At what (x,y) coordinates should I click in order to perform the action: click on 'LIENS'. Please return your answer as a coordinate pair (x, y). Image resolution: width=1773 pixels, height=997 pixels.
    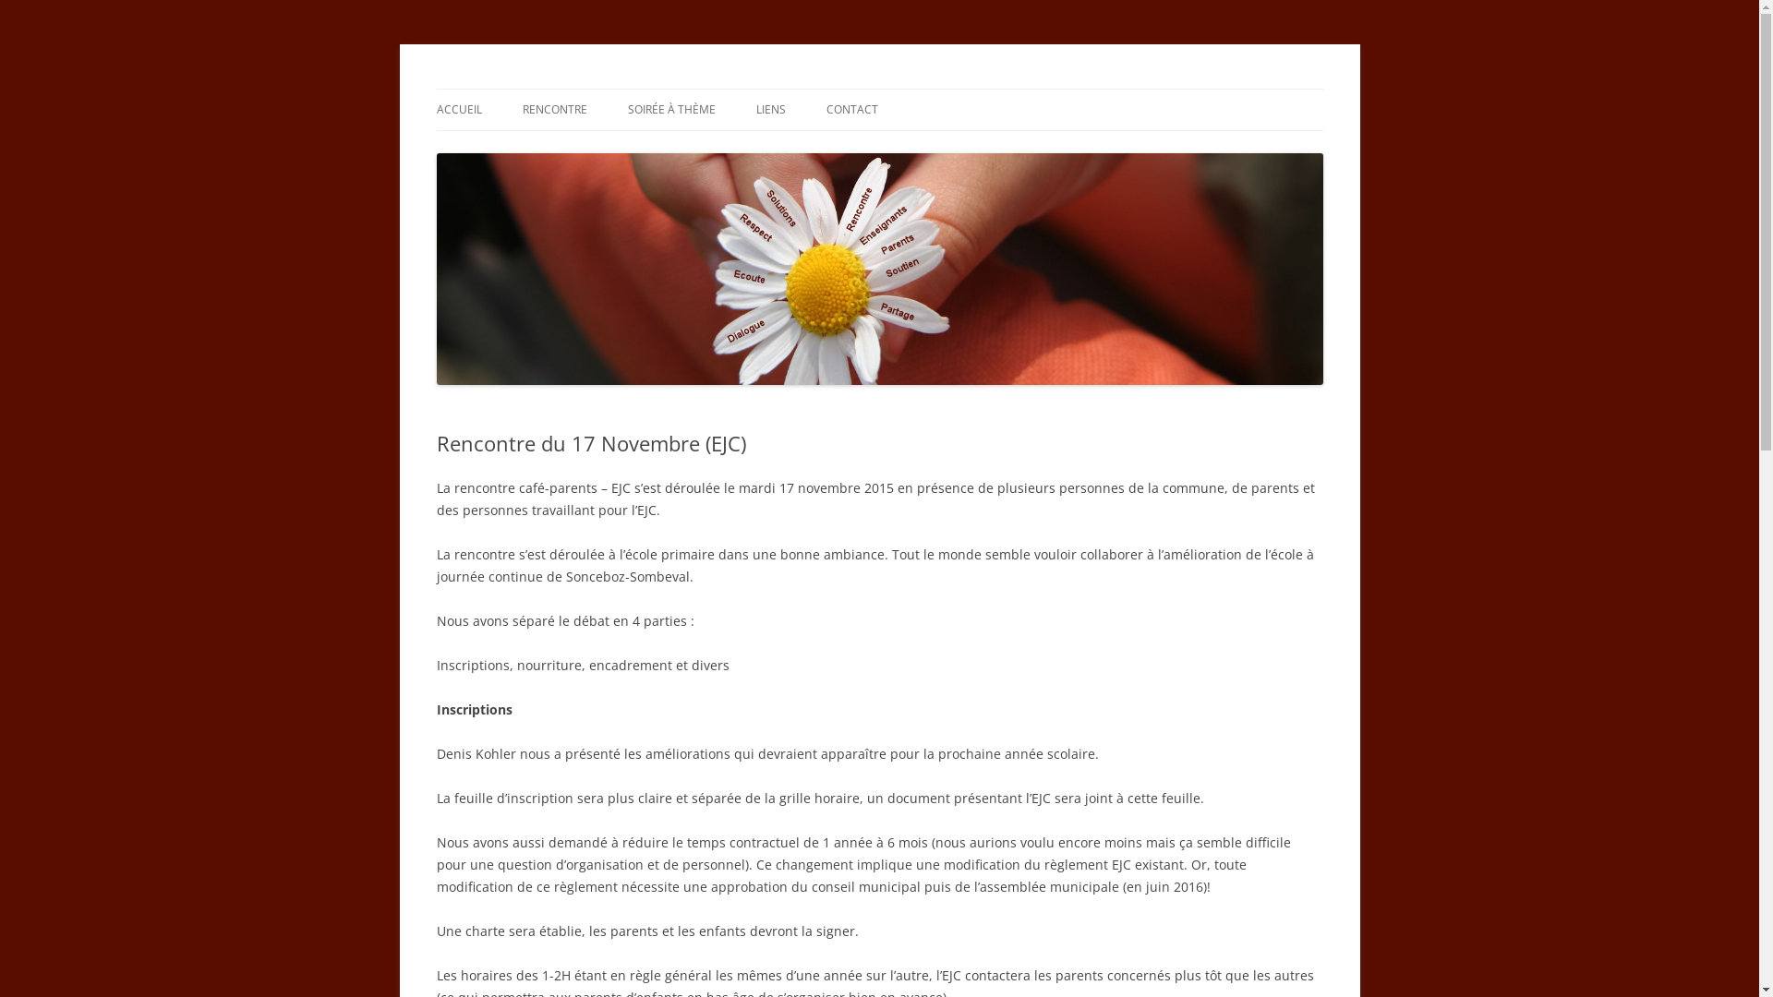
    Looking at the image, I should click on (770, 110).